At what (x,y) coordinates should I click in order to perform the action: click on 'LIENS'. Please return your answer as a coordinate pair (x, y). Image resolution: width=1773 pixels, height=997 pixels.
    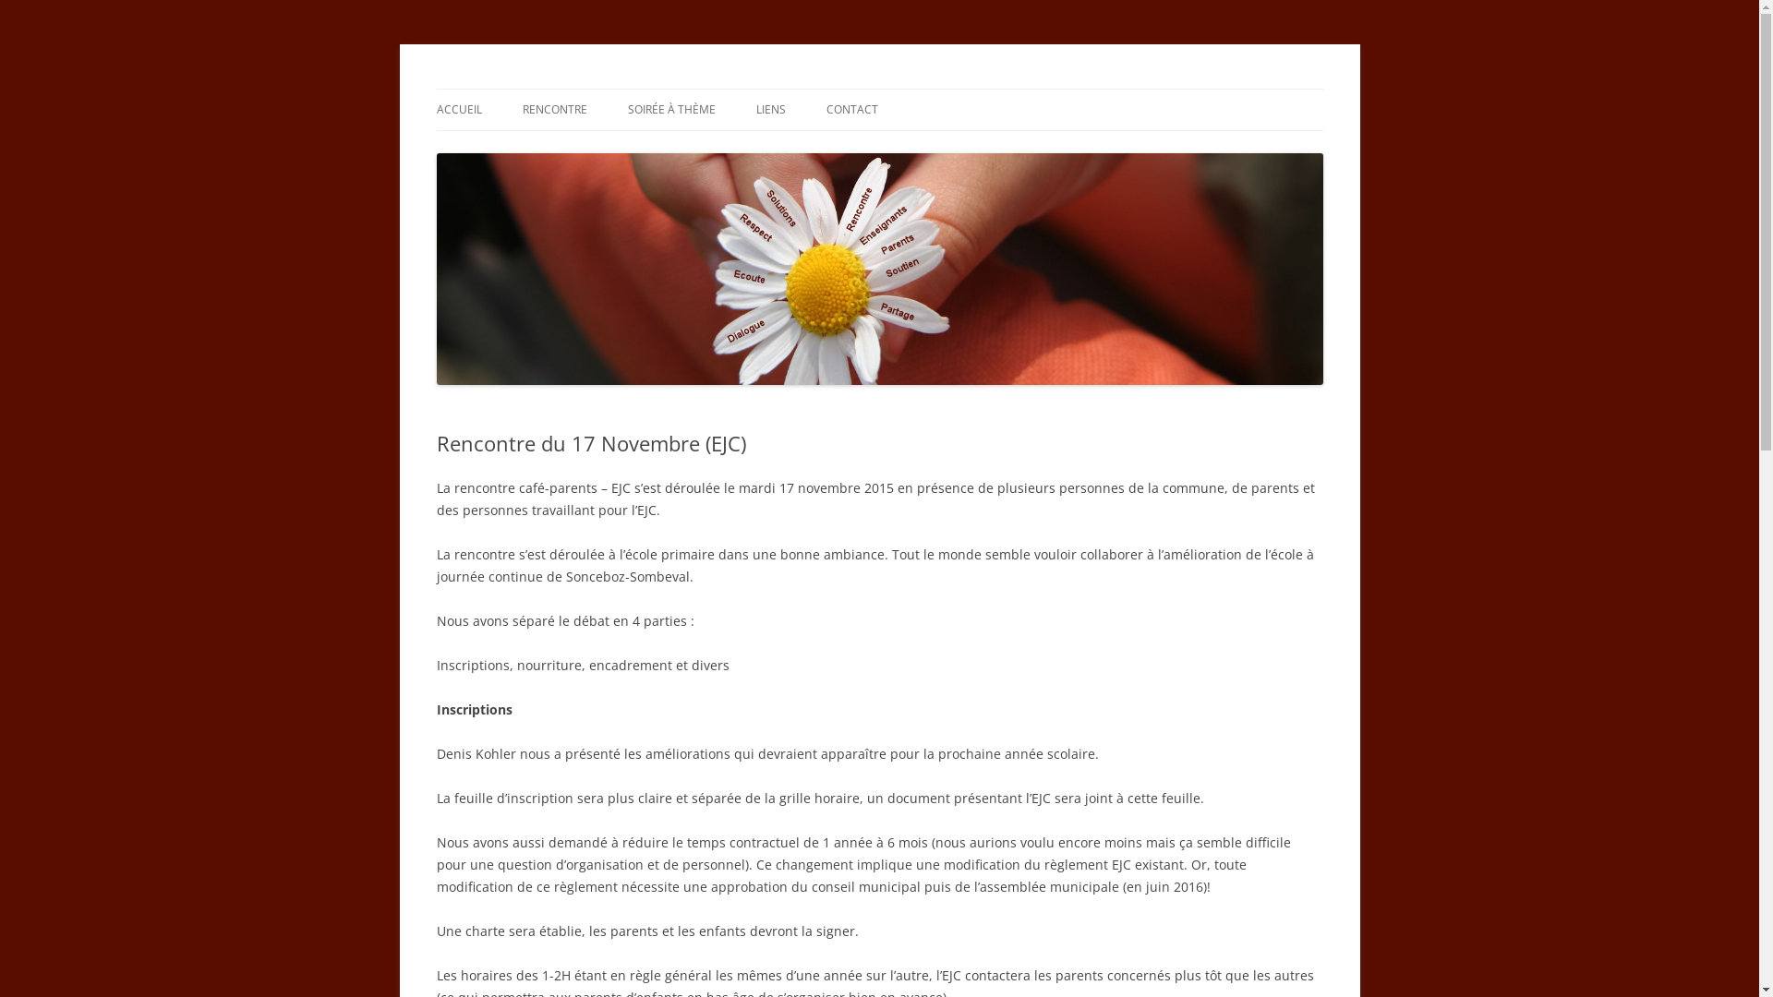
    Looking at the image, I should click on (770, 110).